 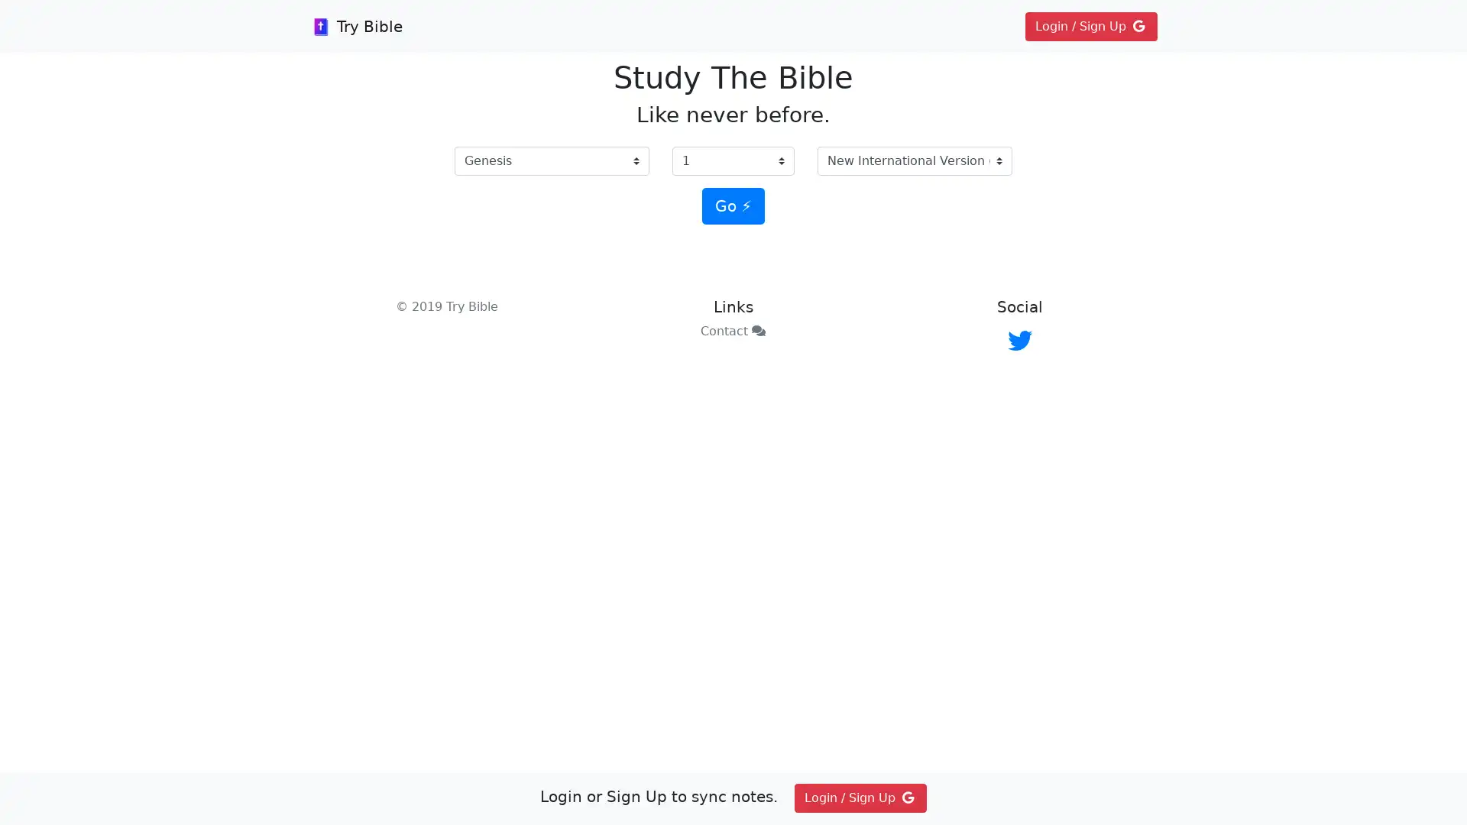 I want to click on Login / Sign Up, so click(x=860, y=797).